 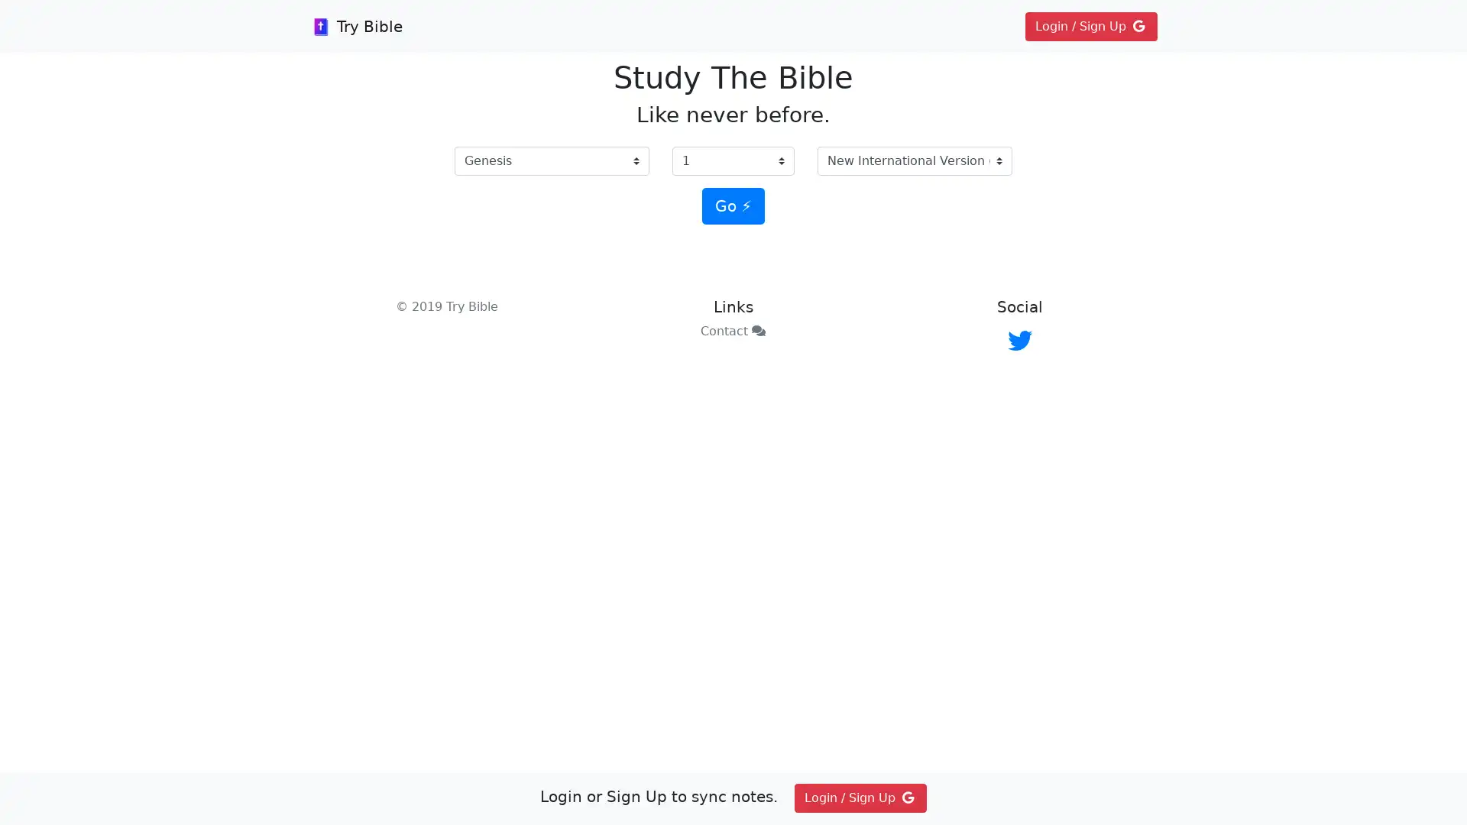 I want to click on Login / Sign Up, so click(x=860, y=797).